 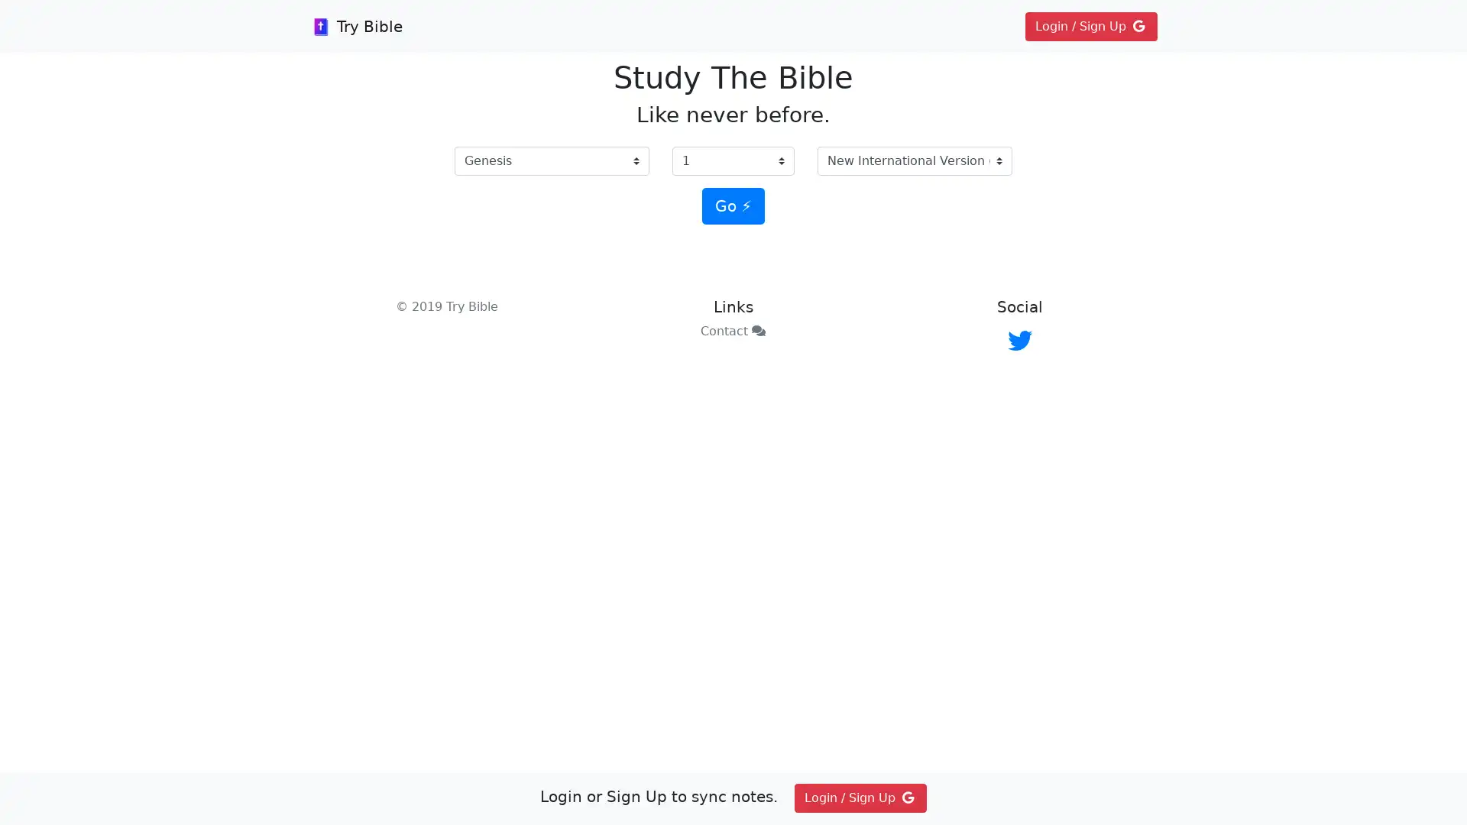 I want to click on Login / Sign Up, so click(x=860, y=797).